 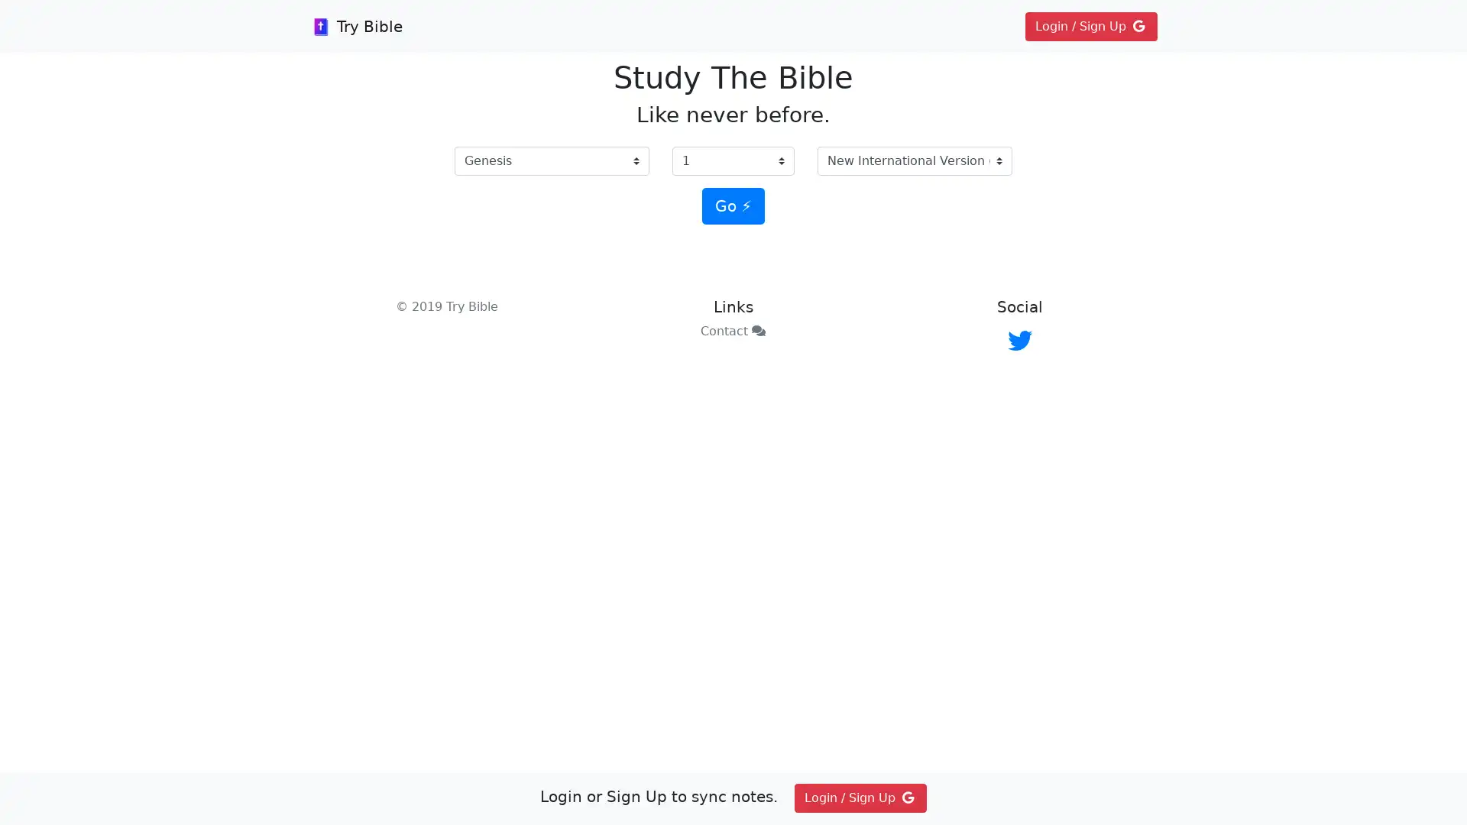 I want to click on Login / Sign Up, so click(x=860, y=797).